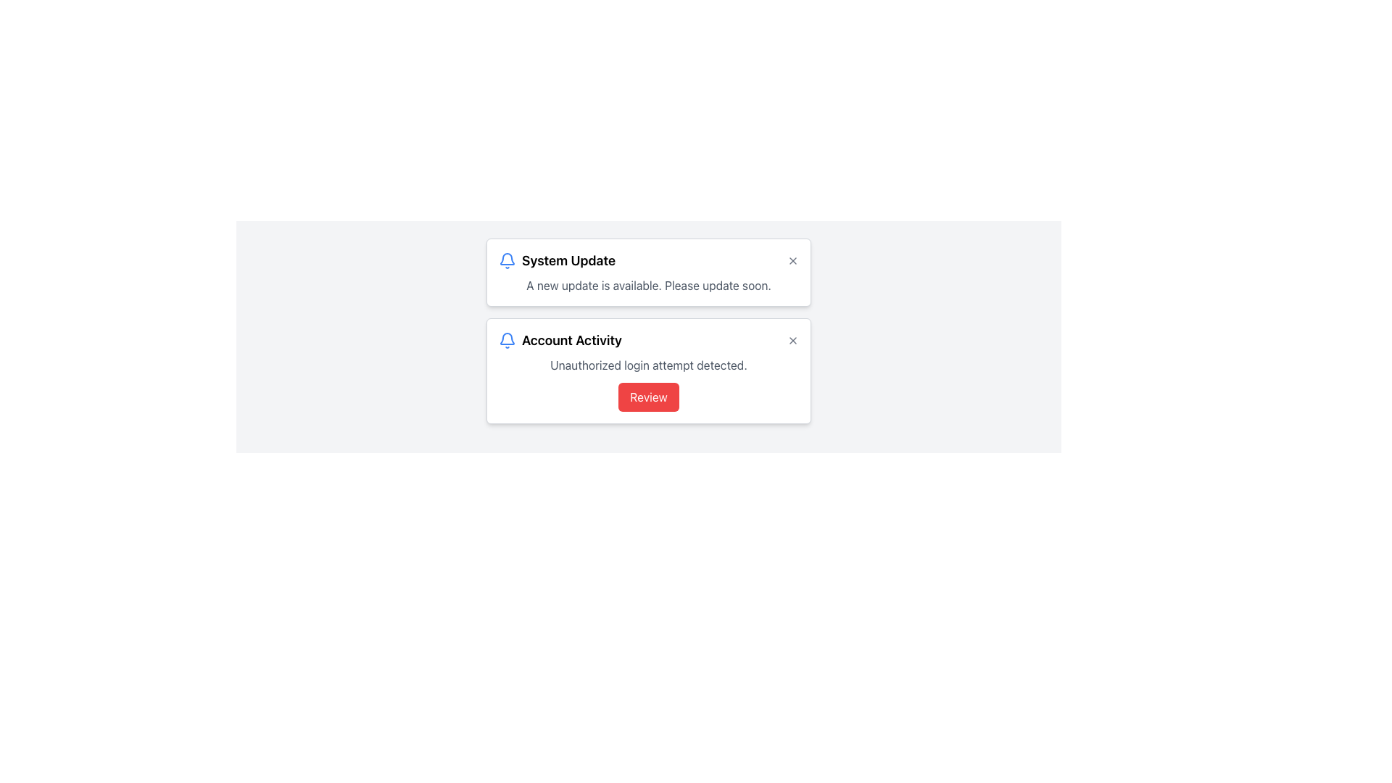 The image size is (1392, 783). Describe the element at coordinates (647, 397) in the screenshot. I see `the call-to-action button located at the bottom center of the 'Account Activity' notification card` at that location.